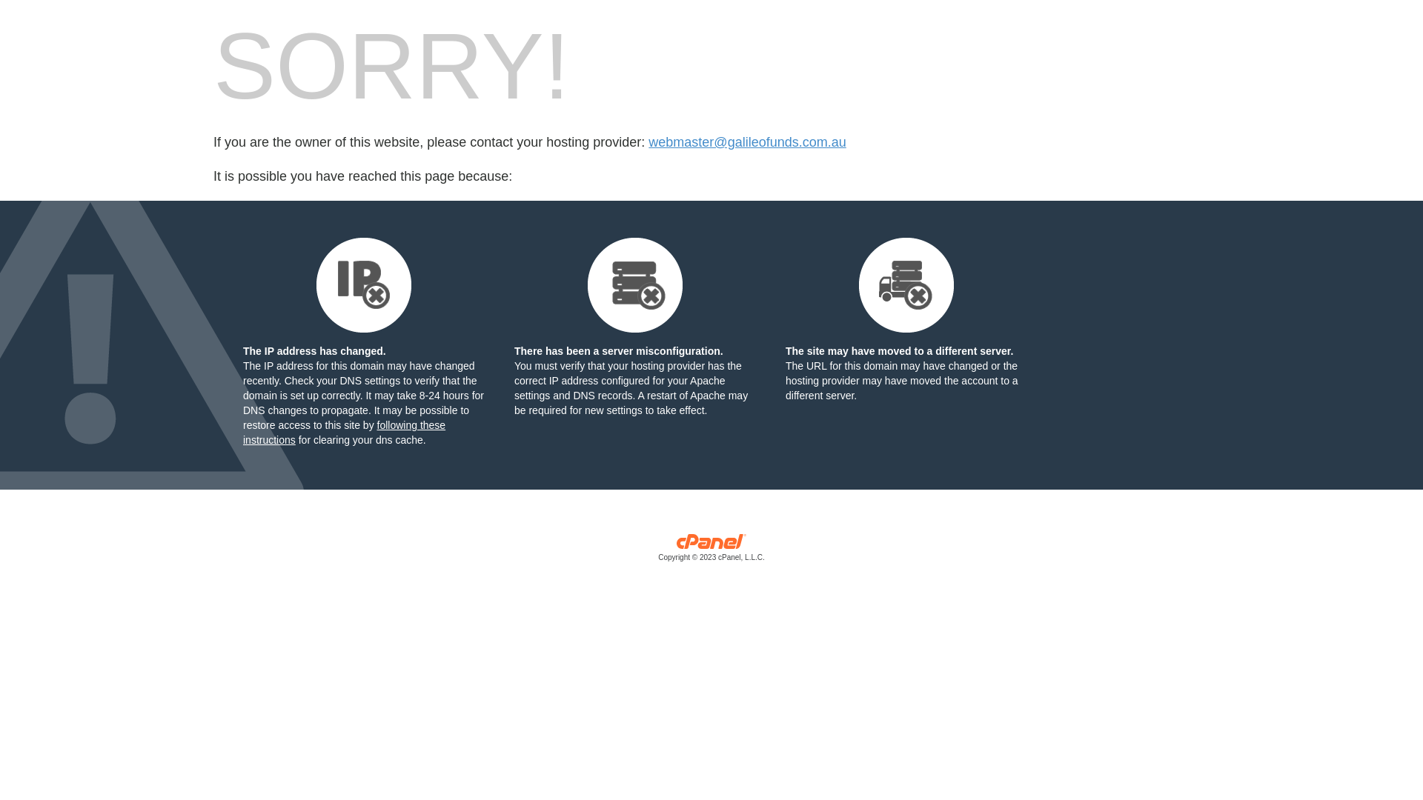 This screenshot has height=800, width=1423. Describe the element at coordinates (343, 432) in the screenshot. I see `'following these instructions'` at that location.